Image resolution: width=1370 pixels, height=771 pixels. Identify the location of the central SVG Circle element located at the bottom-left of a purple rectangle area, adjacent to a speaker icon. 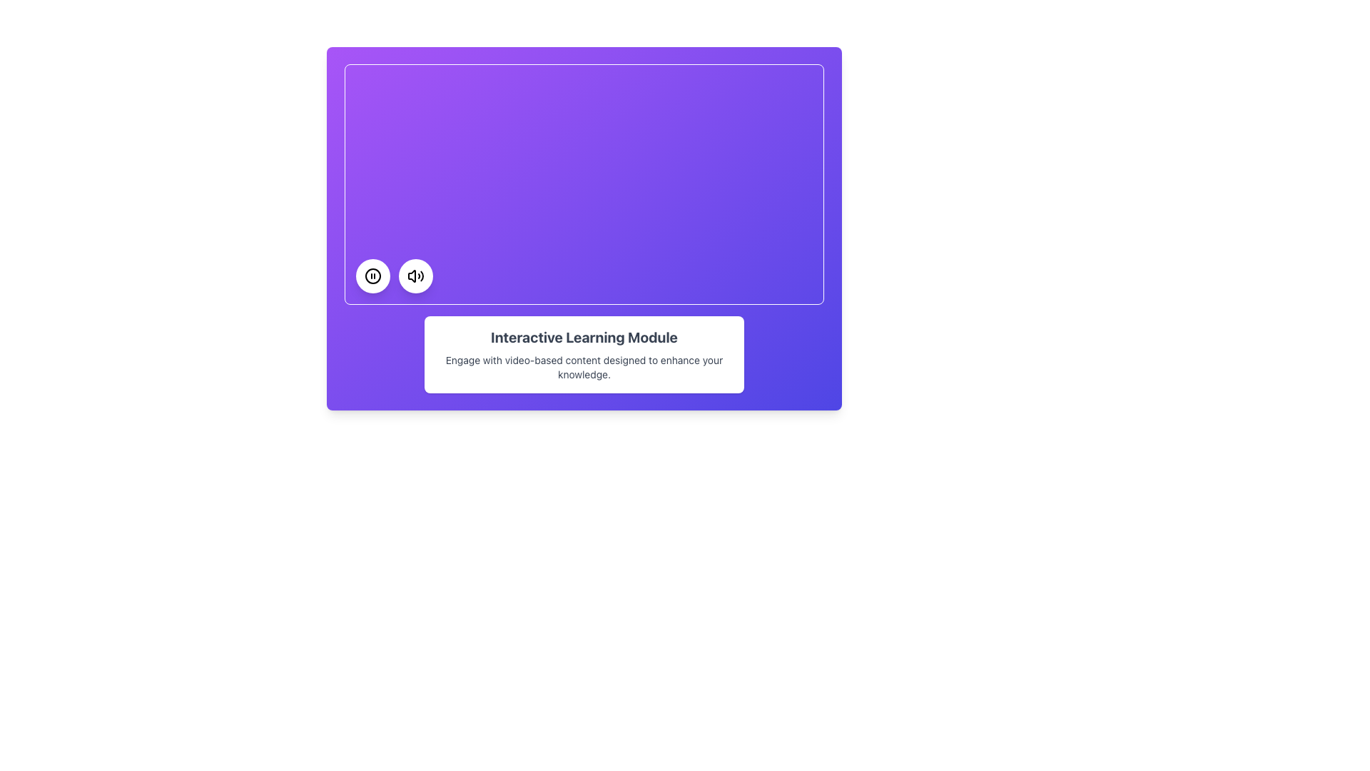
(373, 276).